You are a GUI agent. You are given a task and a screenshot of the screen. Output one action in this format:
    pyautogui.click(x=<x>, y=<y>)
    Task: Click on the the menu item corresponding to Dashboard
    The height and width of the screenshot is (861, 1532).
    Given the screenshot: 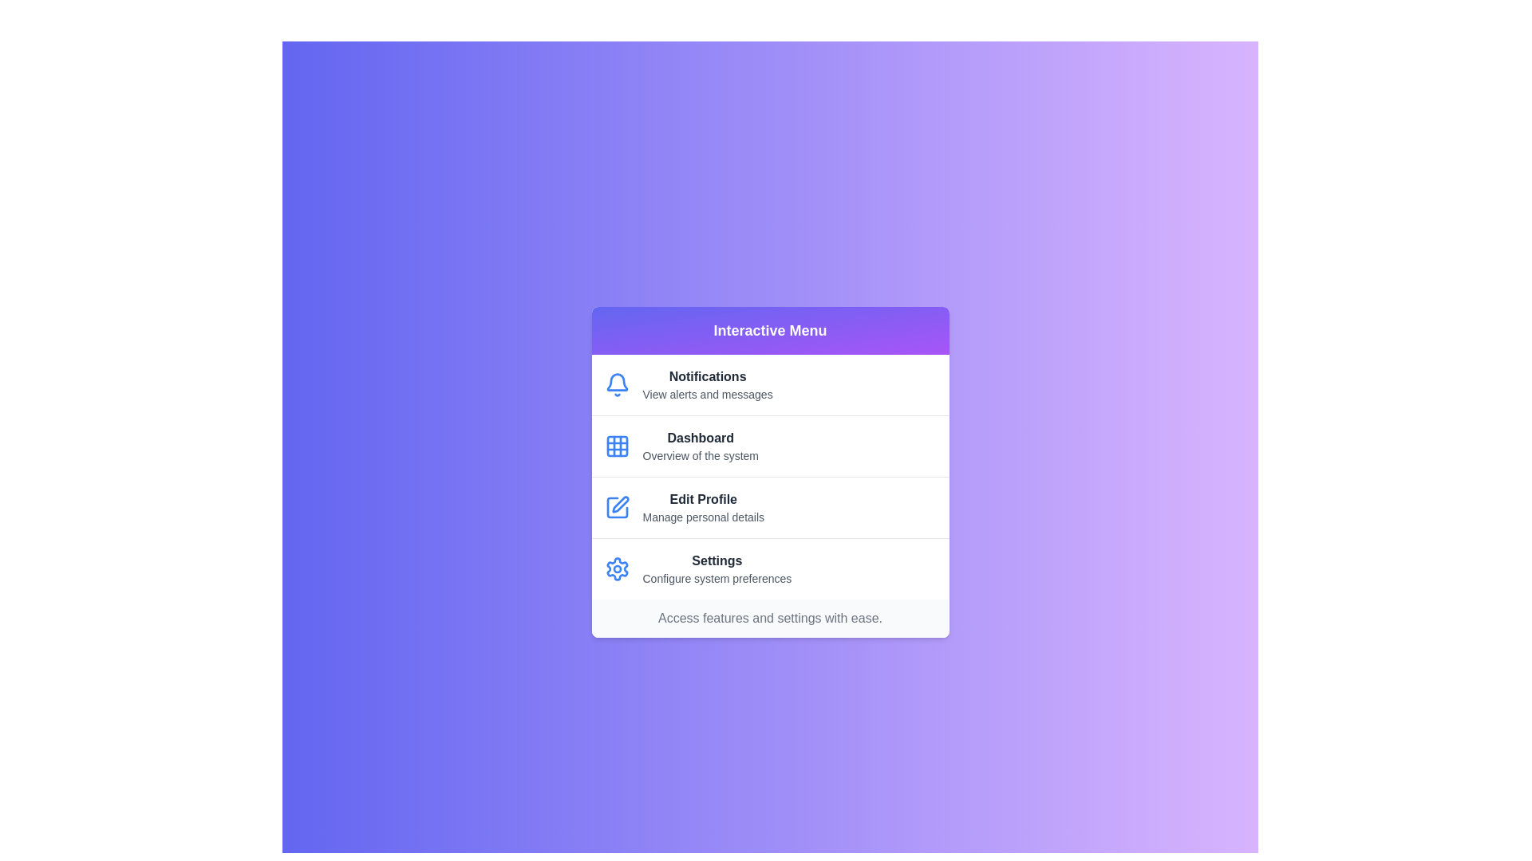 What is the action you would take?
    pyautogui.click(x=770, y=446)
    